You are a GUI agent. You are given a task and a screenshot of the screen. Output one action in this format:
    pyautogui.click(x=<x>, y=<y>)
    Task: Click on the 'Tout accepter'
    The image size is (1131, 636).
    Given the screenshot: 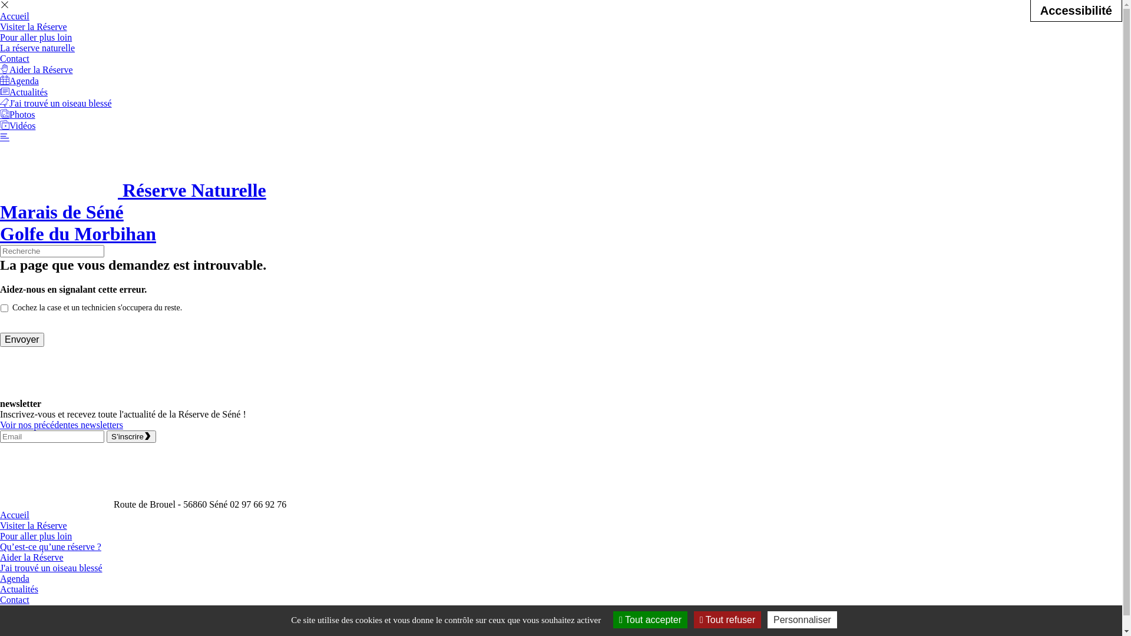 What is the action you would take?
    pyautogui.click(x=650, y=619)
    